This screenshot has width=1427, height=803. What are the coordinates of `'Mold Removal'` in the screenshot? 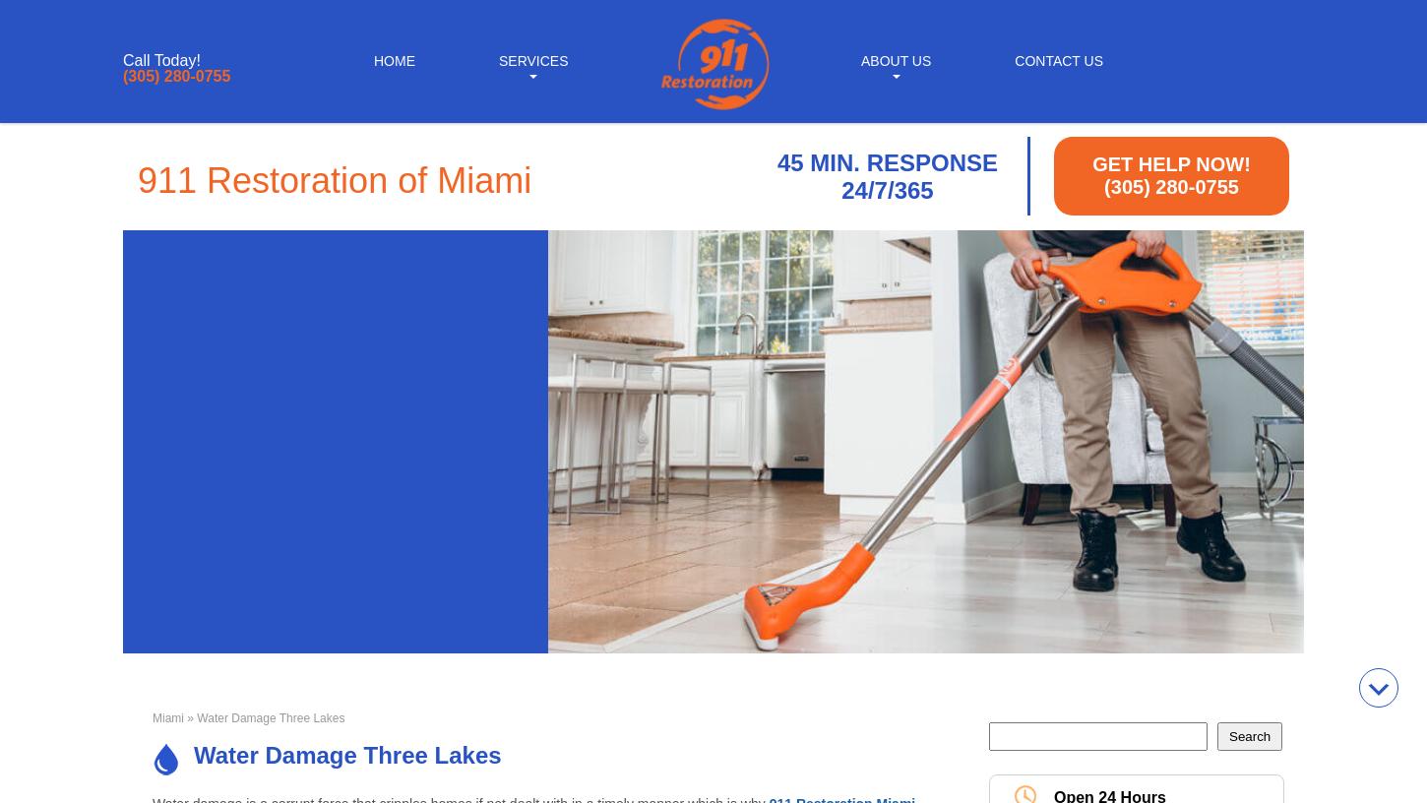 It's located at (531, 212).